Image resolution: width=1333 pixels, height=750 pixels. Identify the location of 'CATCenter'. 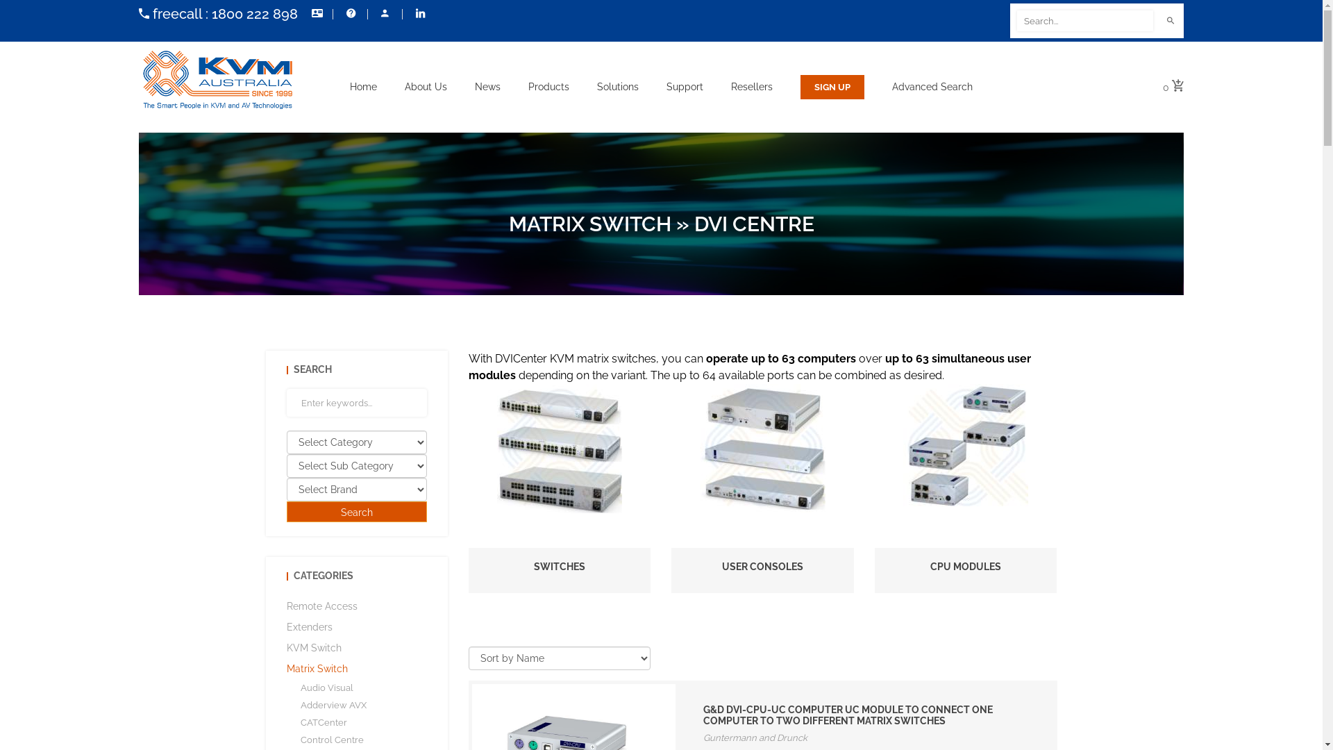
(322, 722).